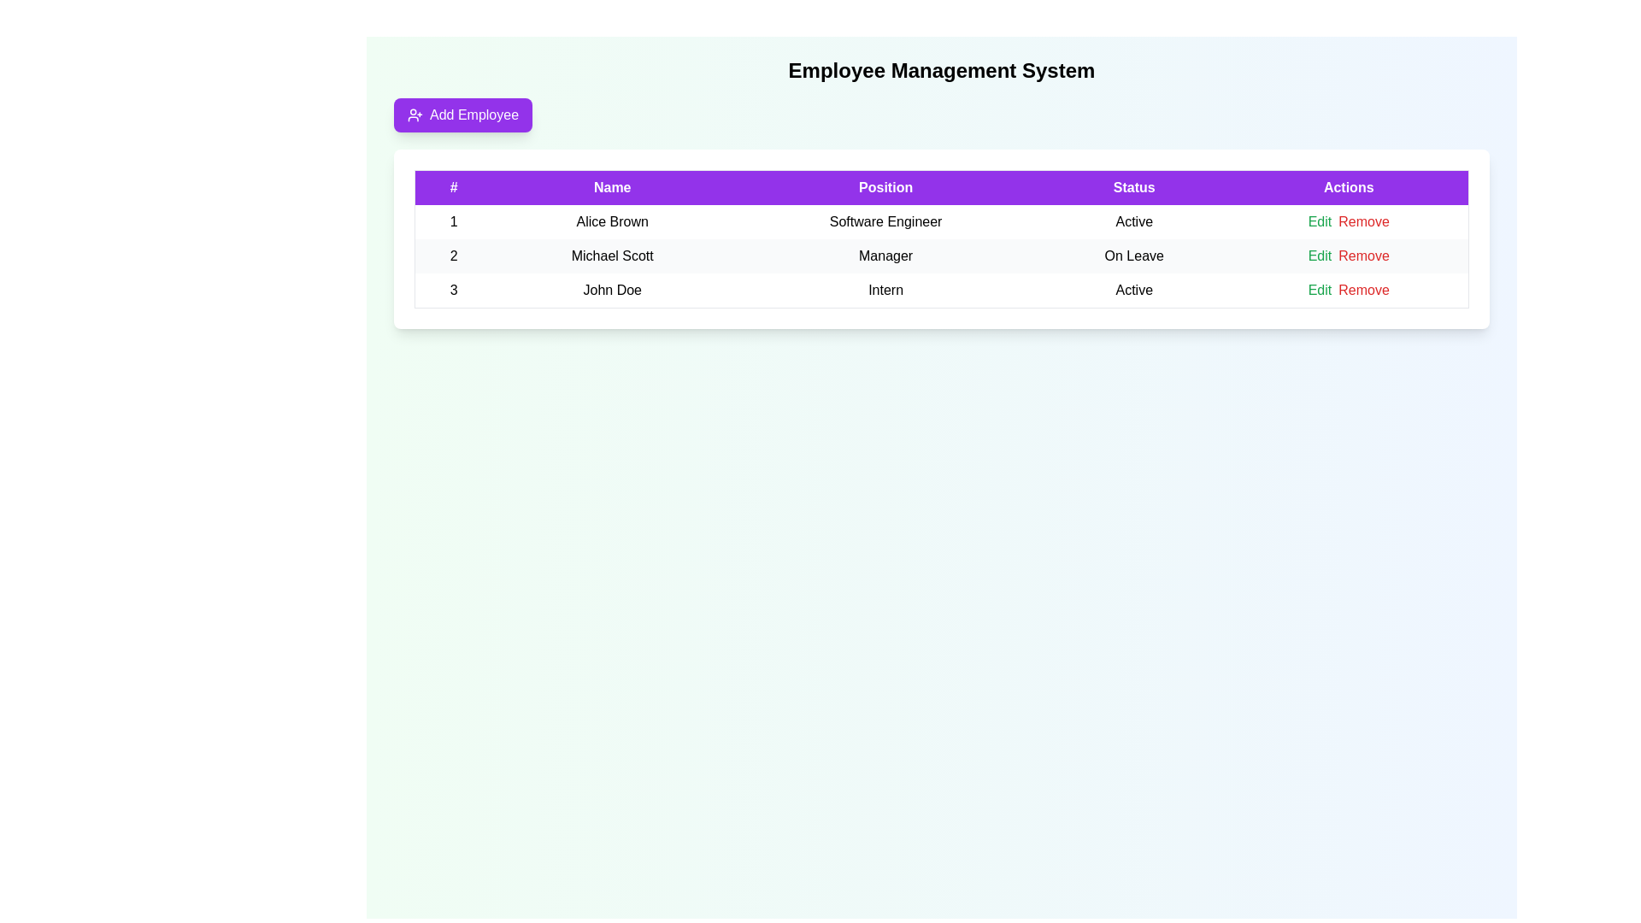 The image size is (1641, 923). Describe the element at coordinates (1134, 256) in the screenshot. I see `the 'On Leave' text label indicating the employment status of 'Michael Scott' in the table under the 'Status' column` at that location.